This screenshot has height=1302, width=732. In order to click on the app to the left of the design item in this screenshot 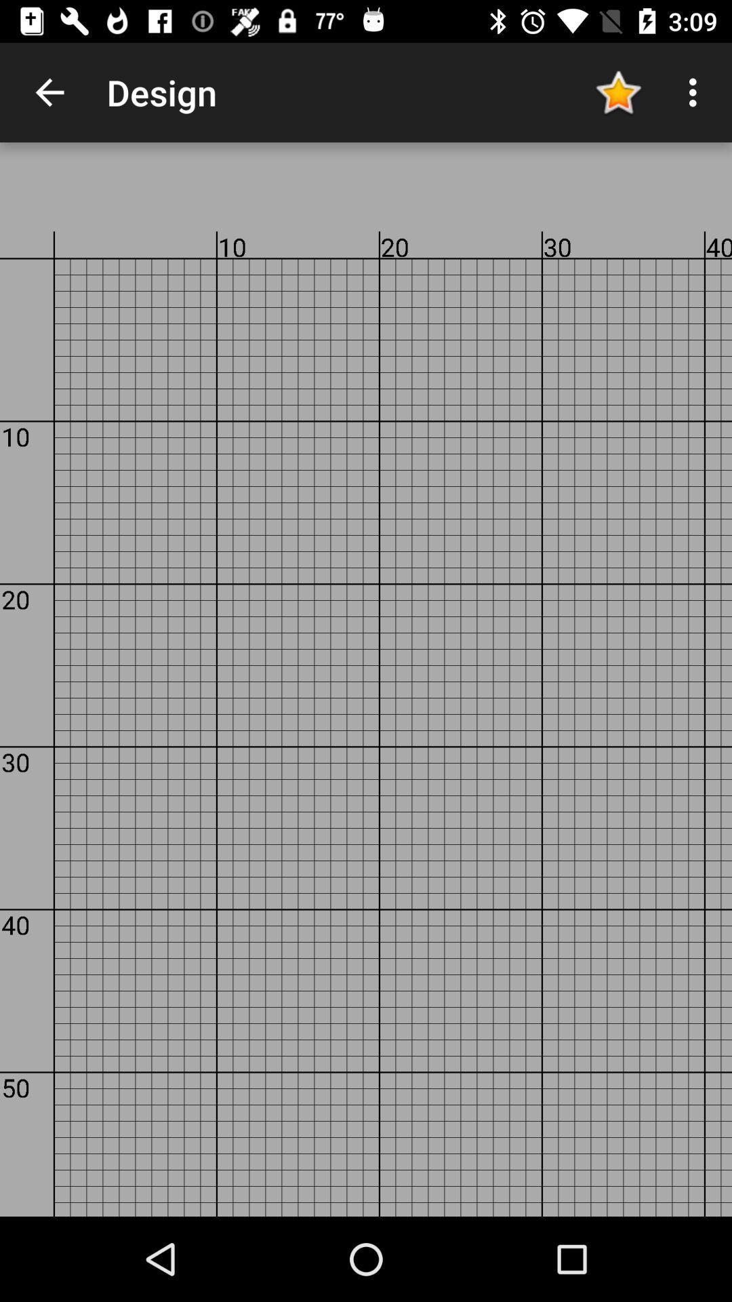, I will do `click(49, 92)`.